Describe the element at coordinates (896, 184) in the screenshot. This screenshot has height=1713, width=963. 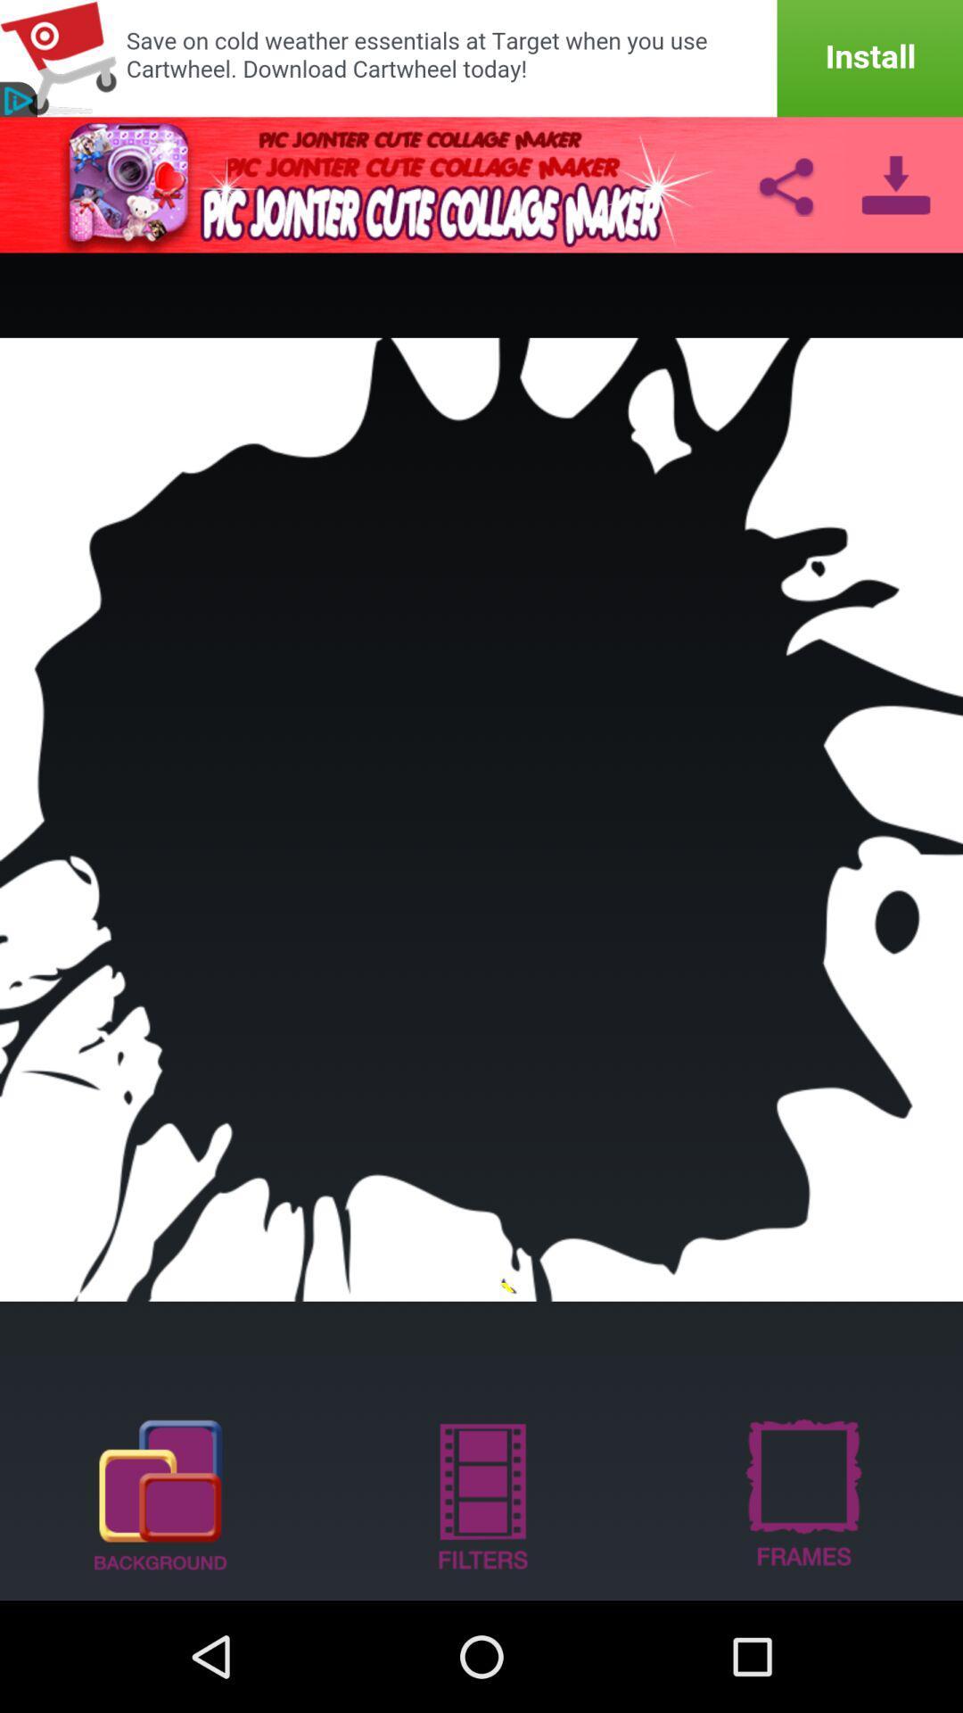
I see `download the article` at that location.